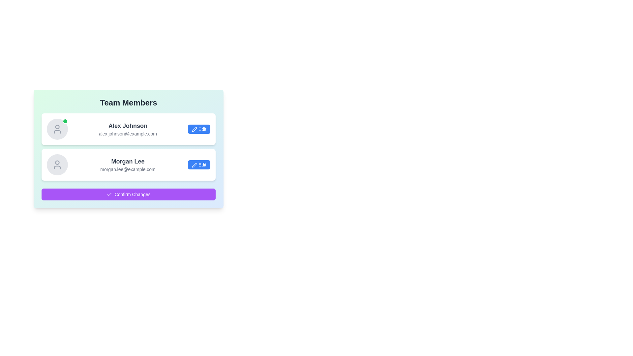  Describe the element at coordinates (57, 164) in the screenshot. I see `the user avatar icon located to the left of the name 'Morgan Lee' in the team members list` at that location.